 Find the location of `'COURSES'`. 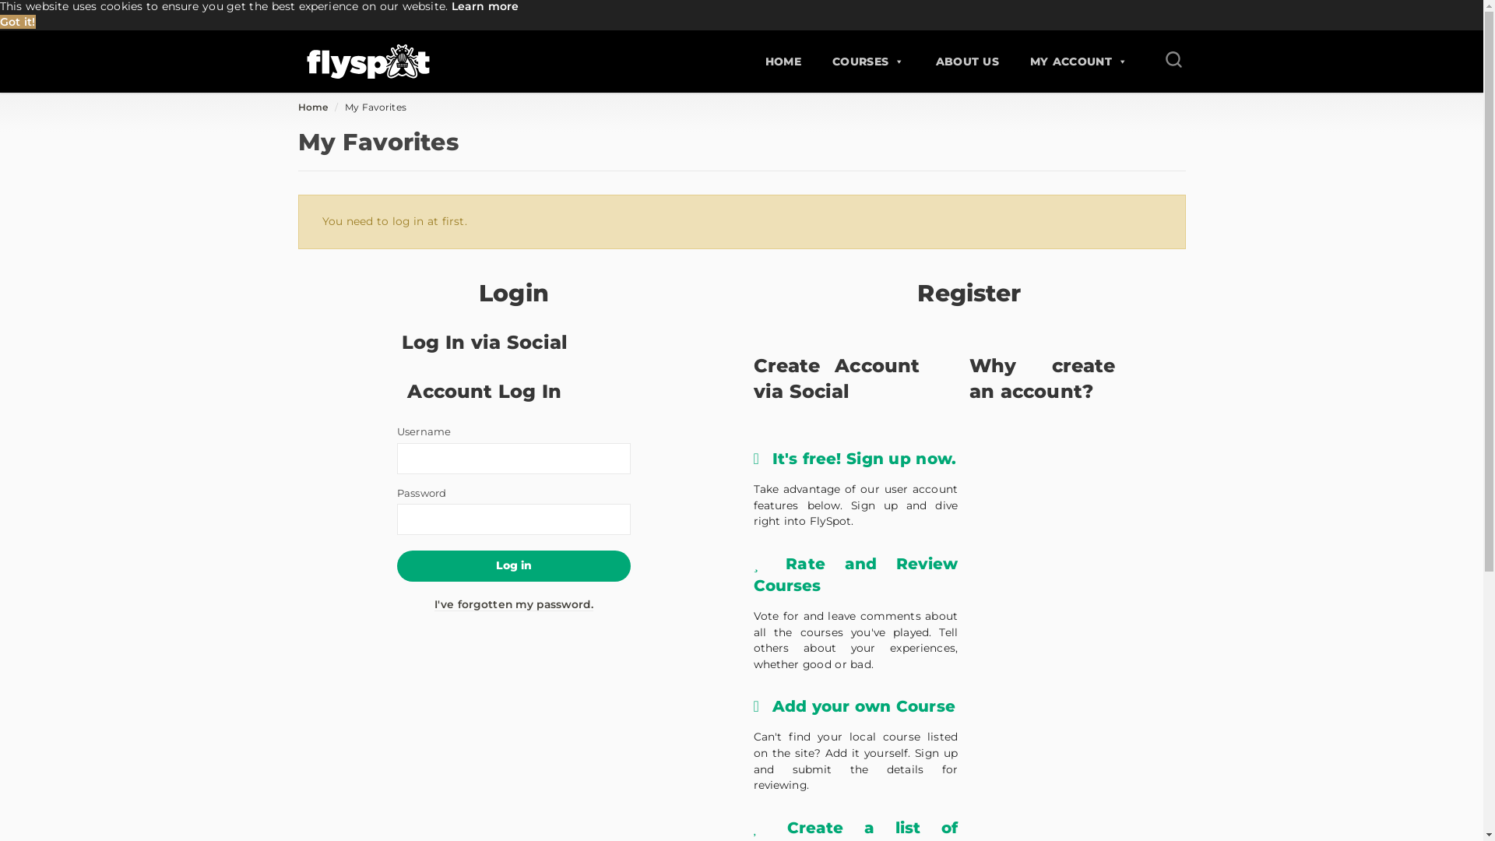

'COURSES' is located at coordinates (867, 60).